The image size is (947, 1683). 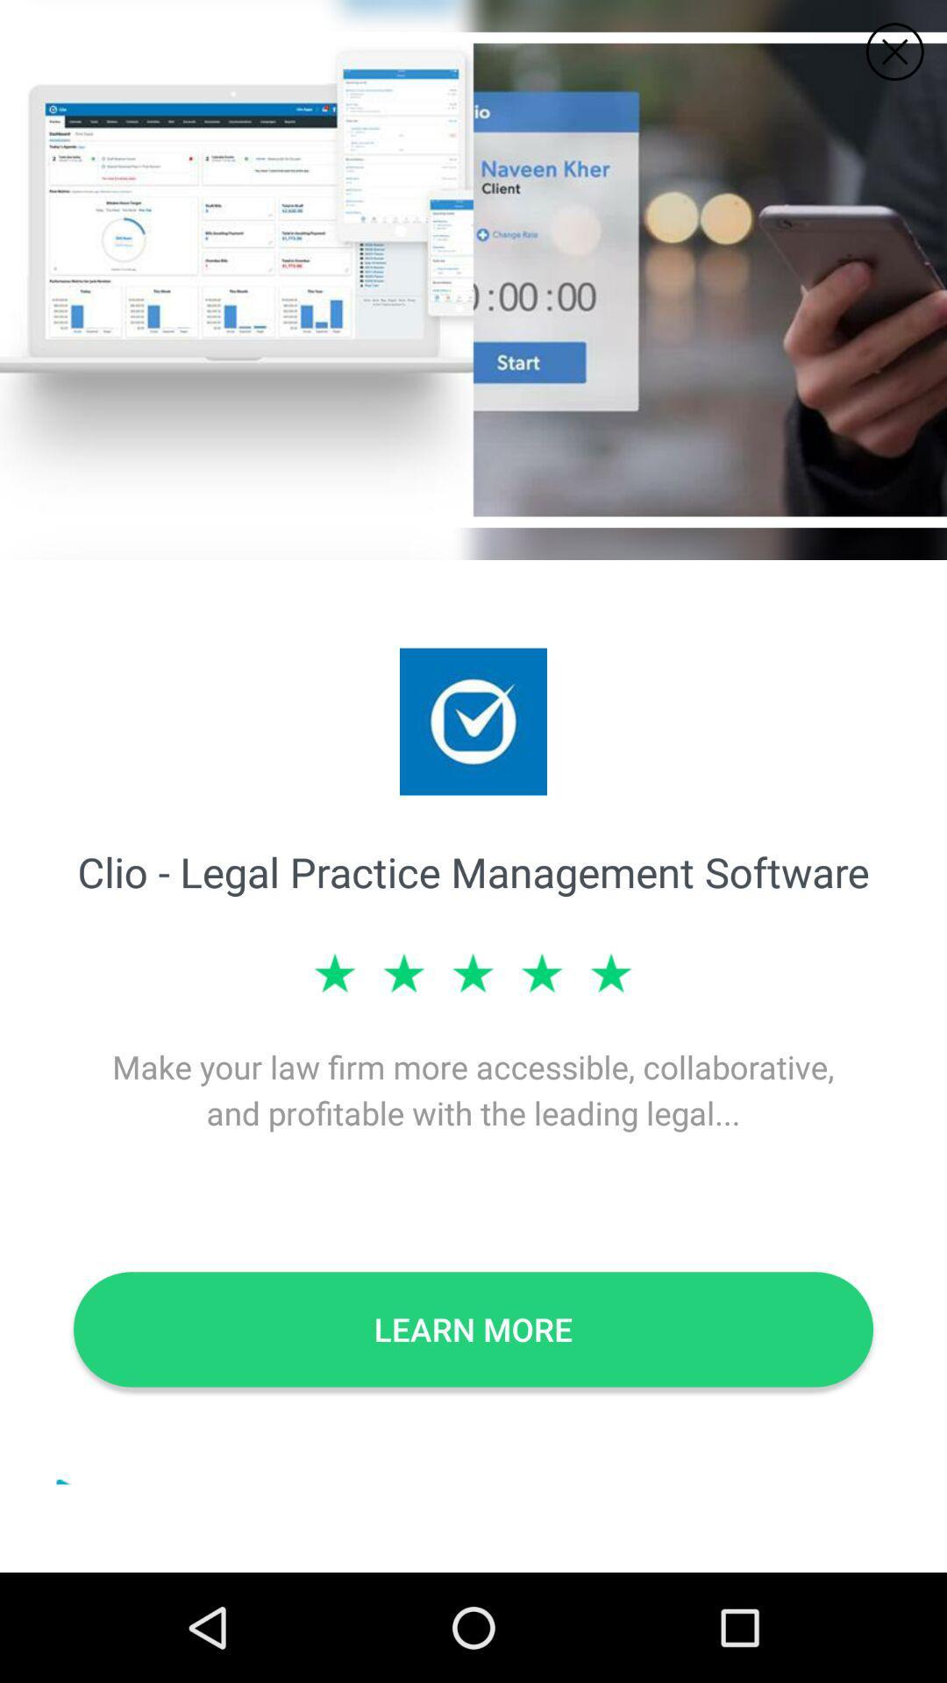 I want to click on the close icon, so click(x=894, y=52).